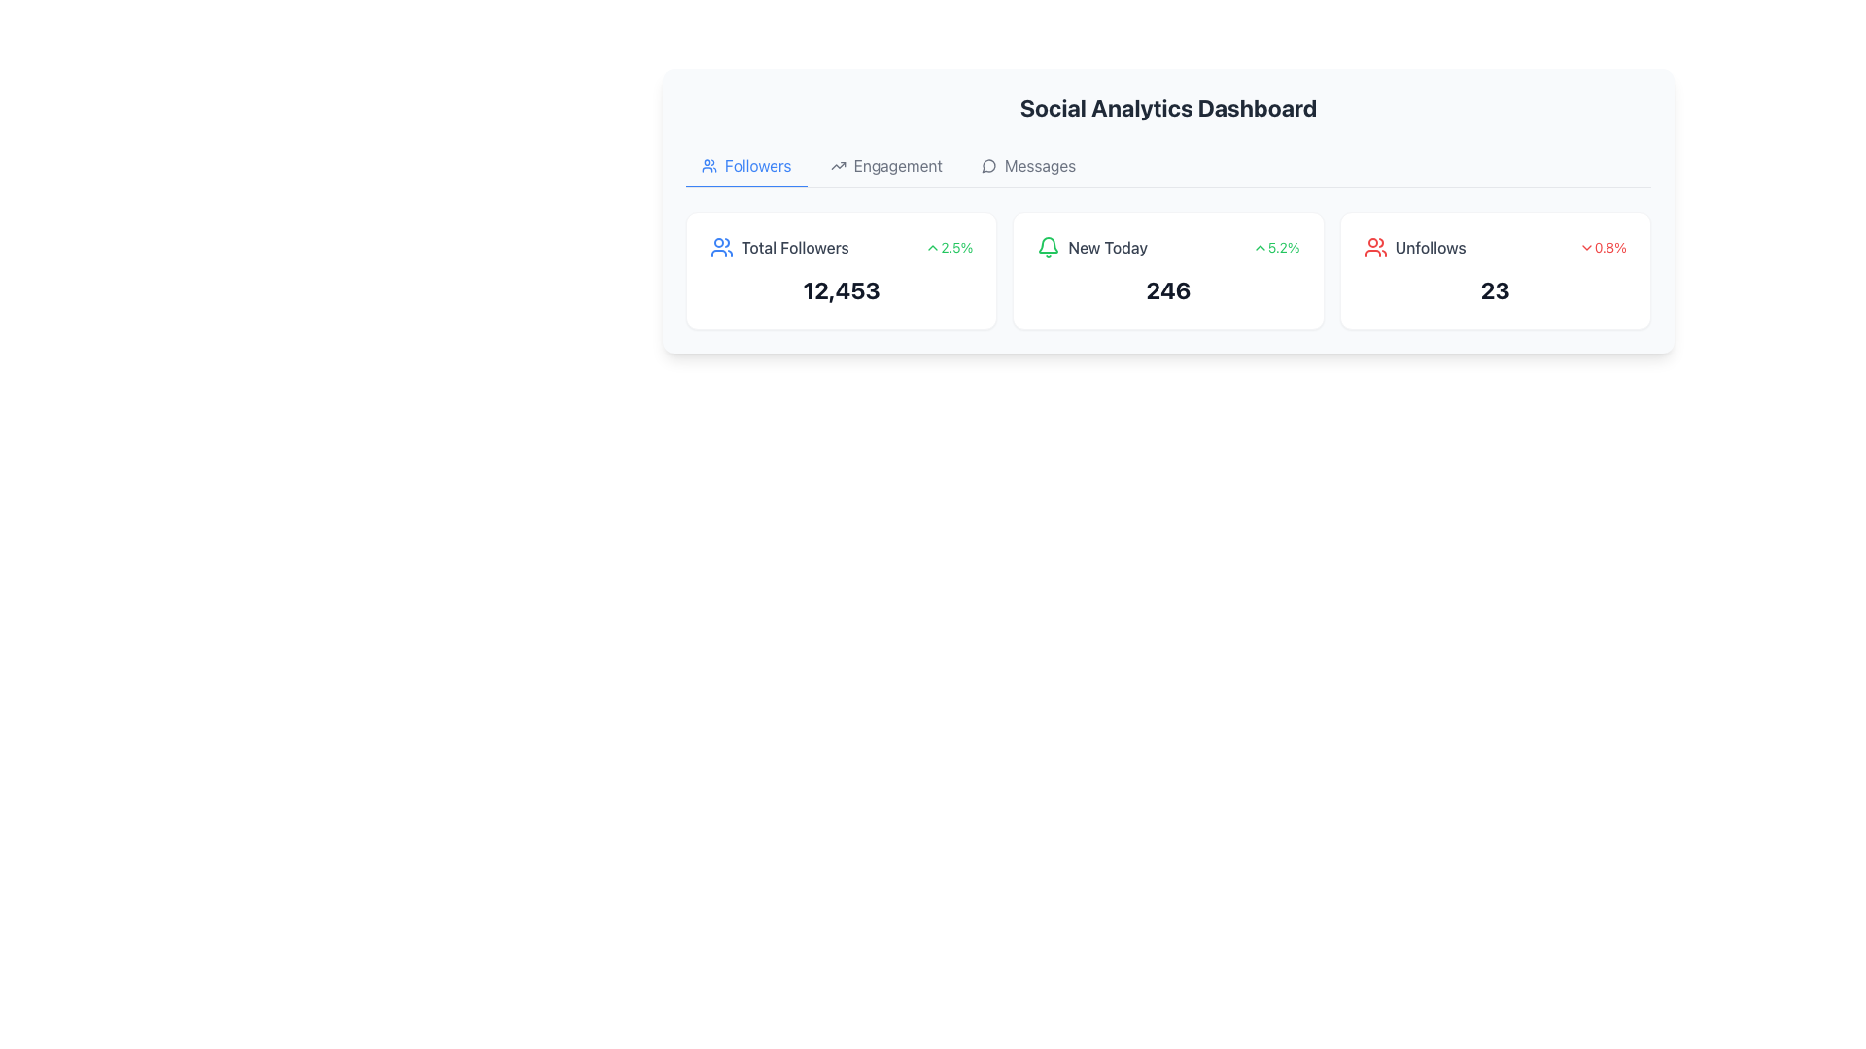  Describe the element at coordinates (779, 246) in the screenshot. I see `the non-interactive label with the icon that describes the total number of followers, located in the top-left metrics card of the dashboard` at that location.